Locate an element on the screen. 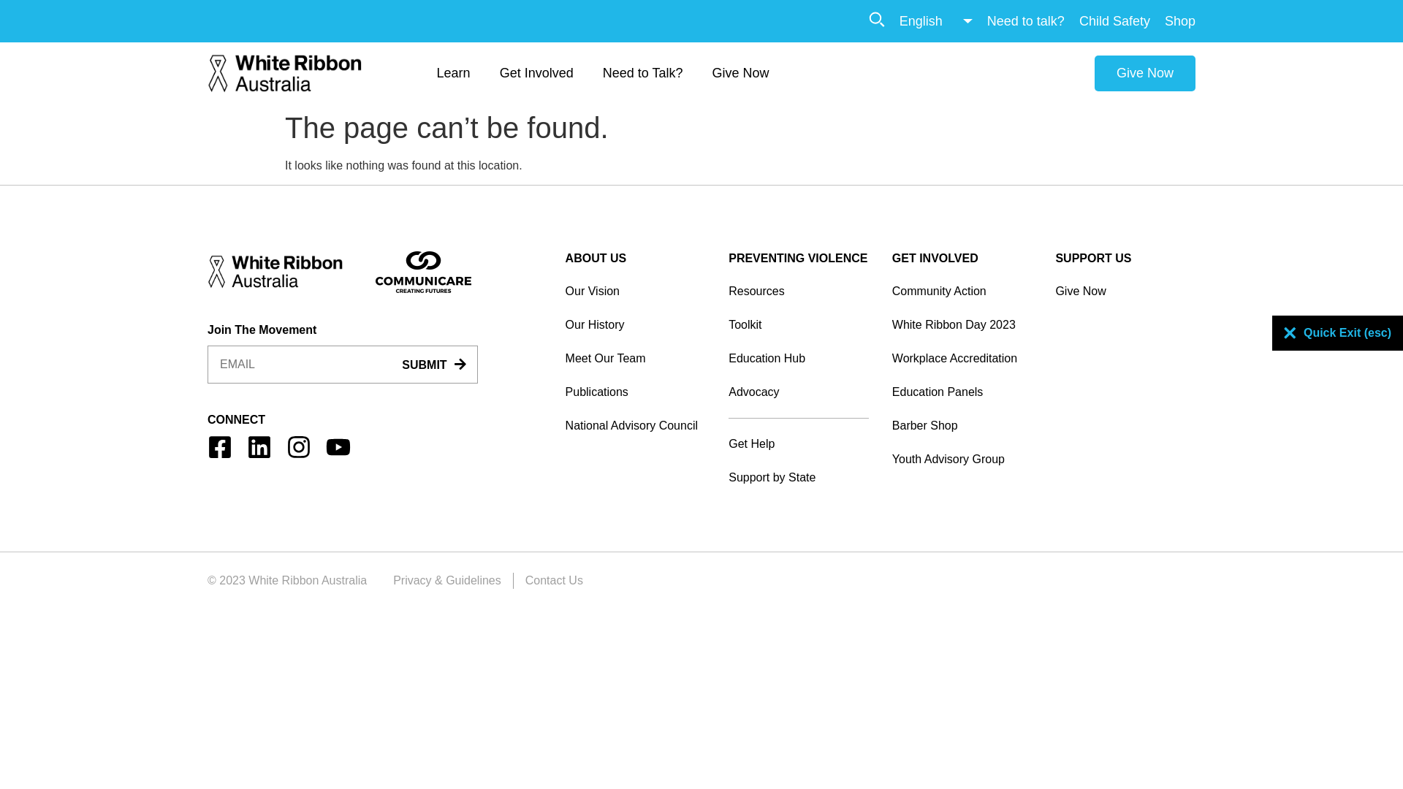 Image resolution: width=1403 pixels, height=789 pixels. 'Learn' is located at coordinates (452, 73).